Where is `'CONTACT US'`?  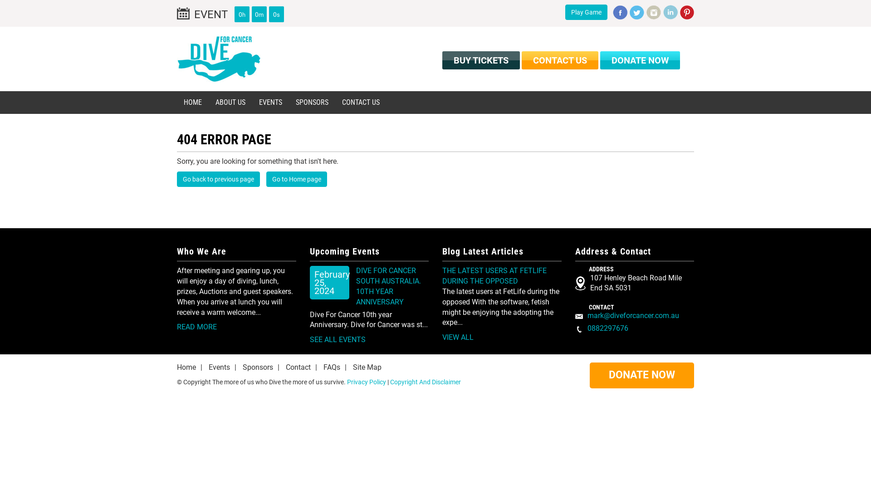
'CONTACT US' is located at coordinates (522, 60).